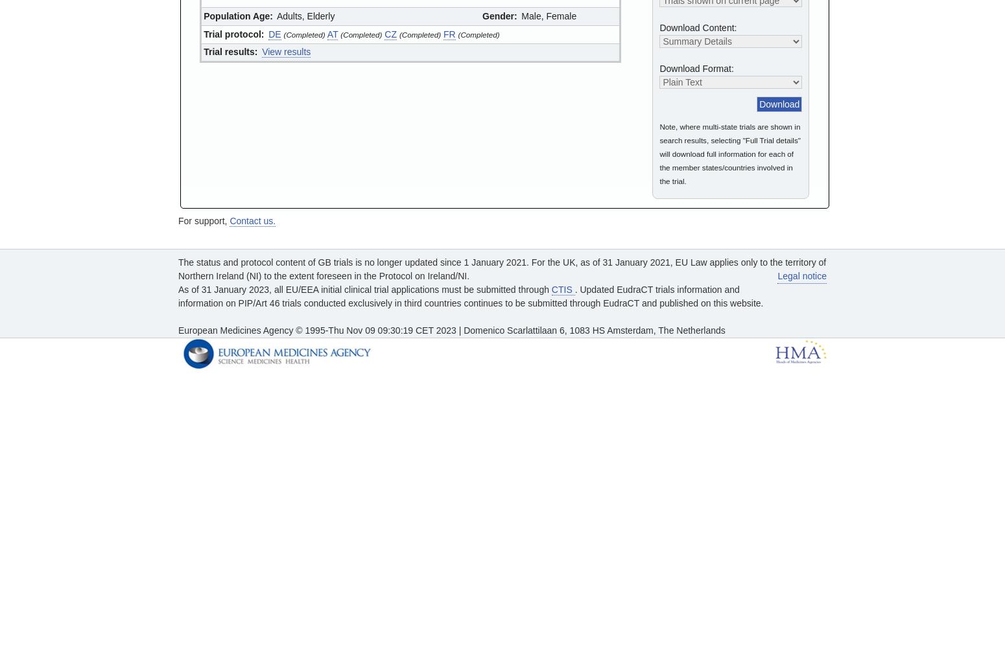  What do you see at coordinates (178, 220) in the screenshot?
I see `'For support,'` at bounding box center [178, 220].